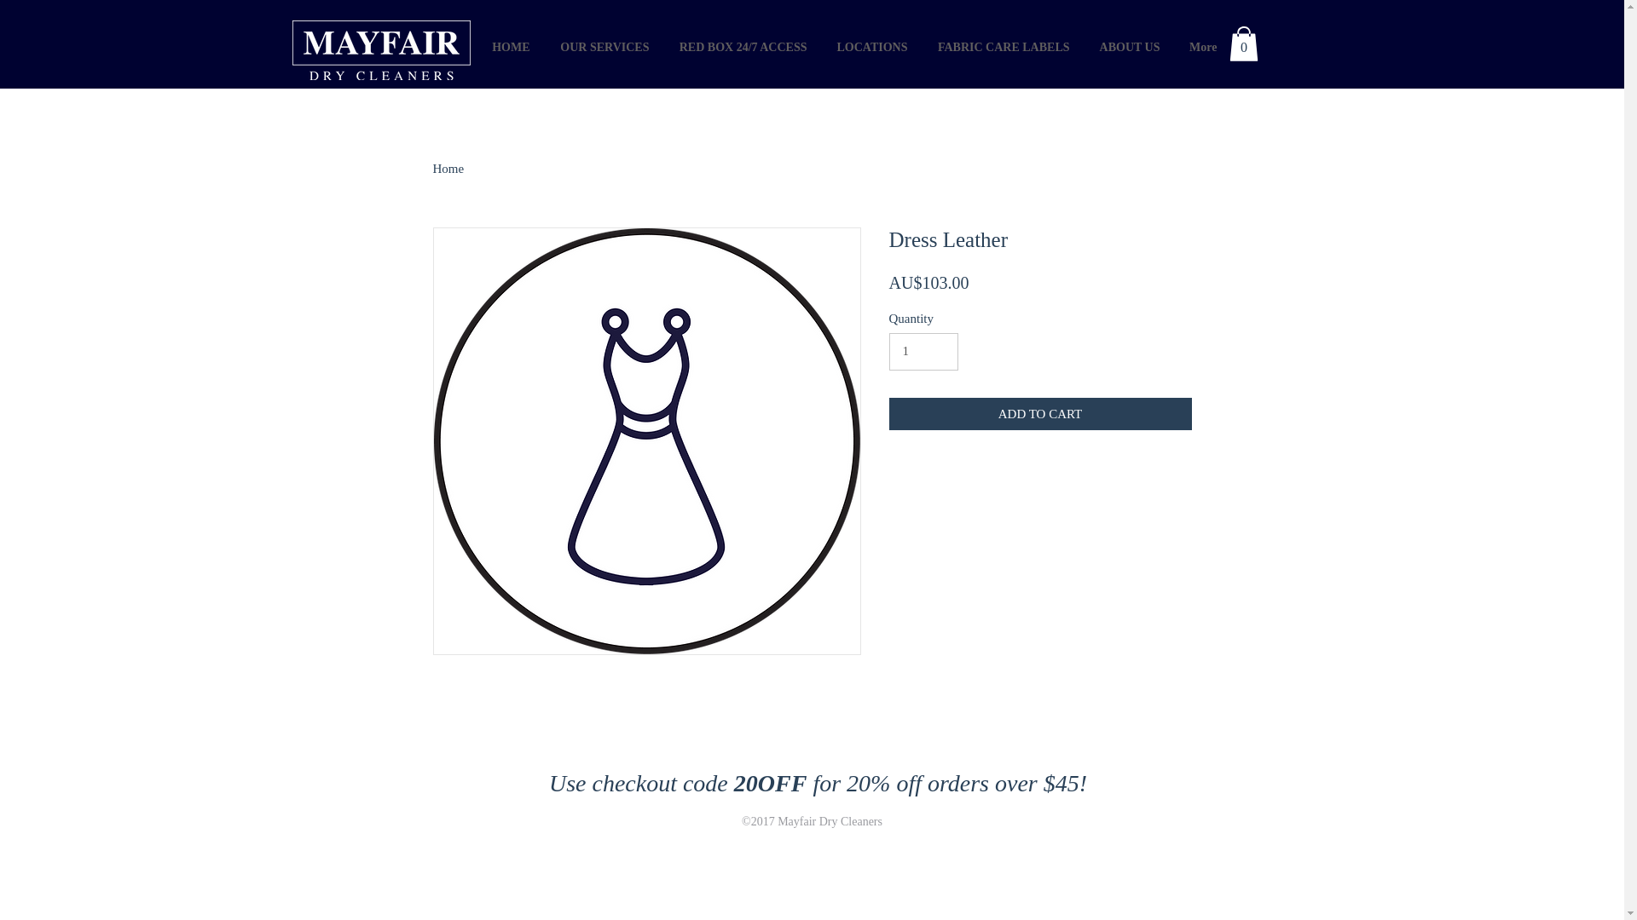  Describe the element at coordinates (1082, 46) in the screenshot. I see `'ABOUT US'` at that location.